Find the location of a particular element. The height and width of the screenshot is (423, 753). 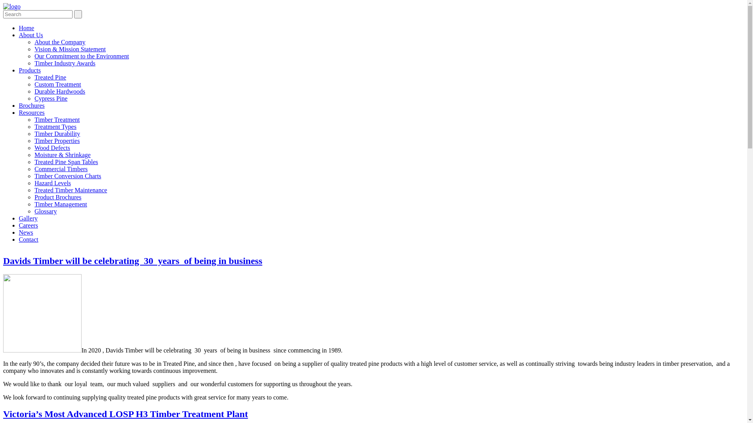

'Treated Pine Span Tables' is located at coordinates (66, 161).